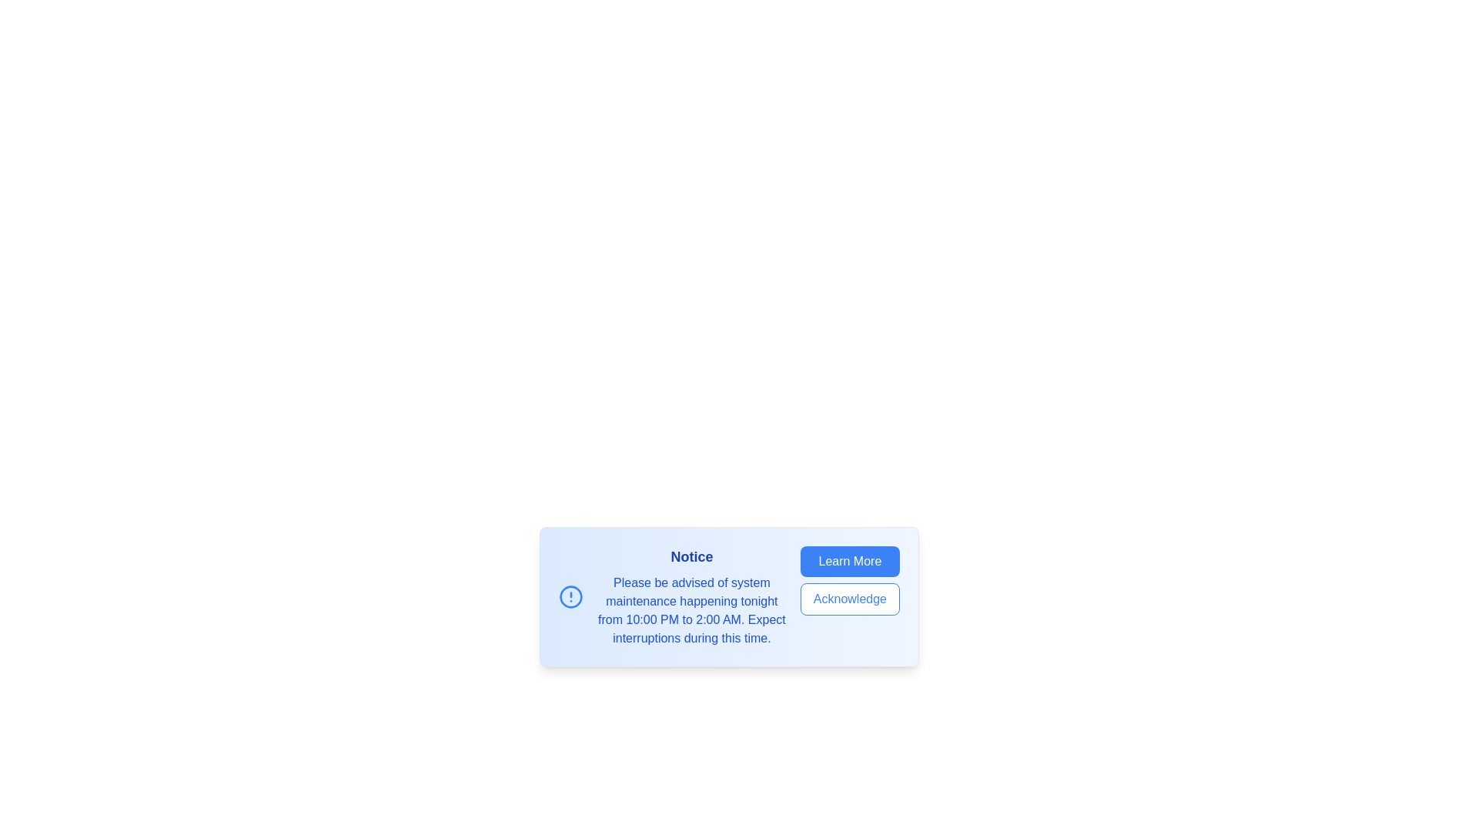 The height and width of the screenshot is (831, 1478). I want to click on the 'Acknowledge' button, so click(849, 599).